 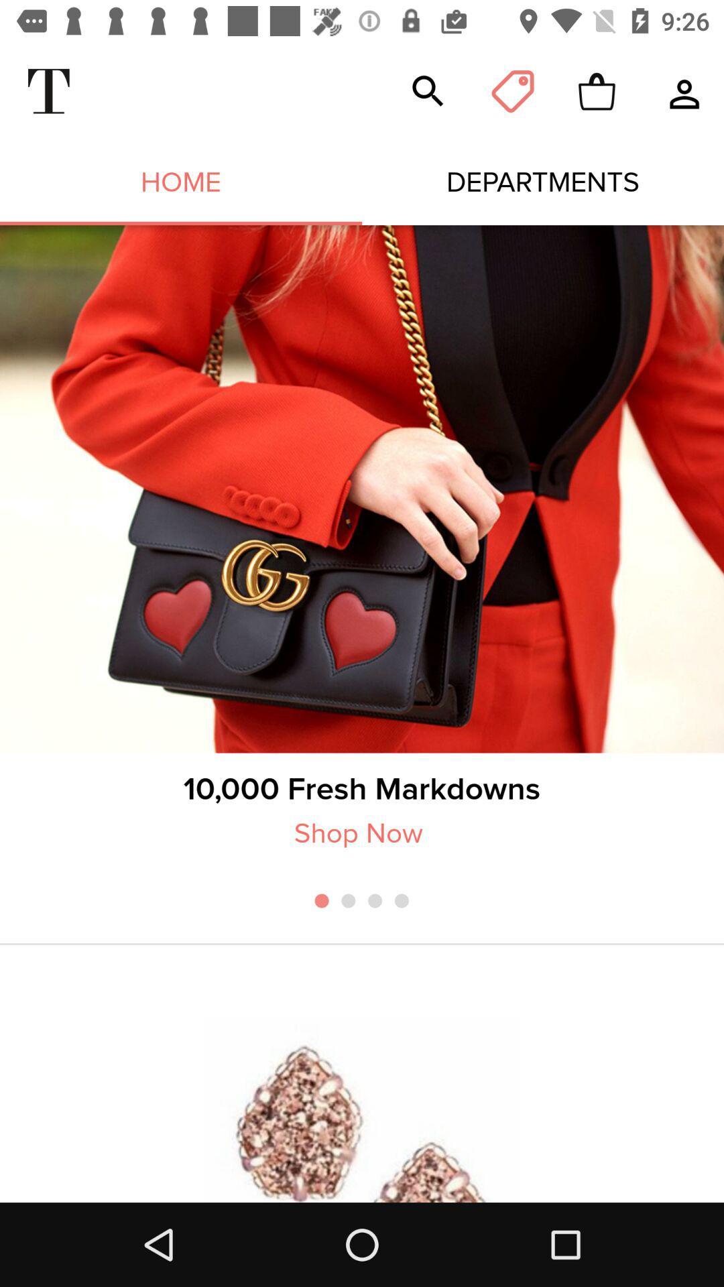 I want to click on icon after the search icon, so click(x=512, y=91).